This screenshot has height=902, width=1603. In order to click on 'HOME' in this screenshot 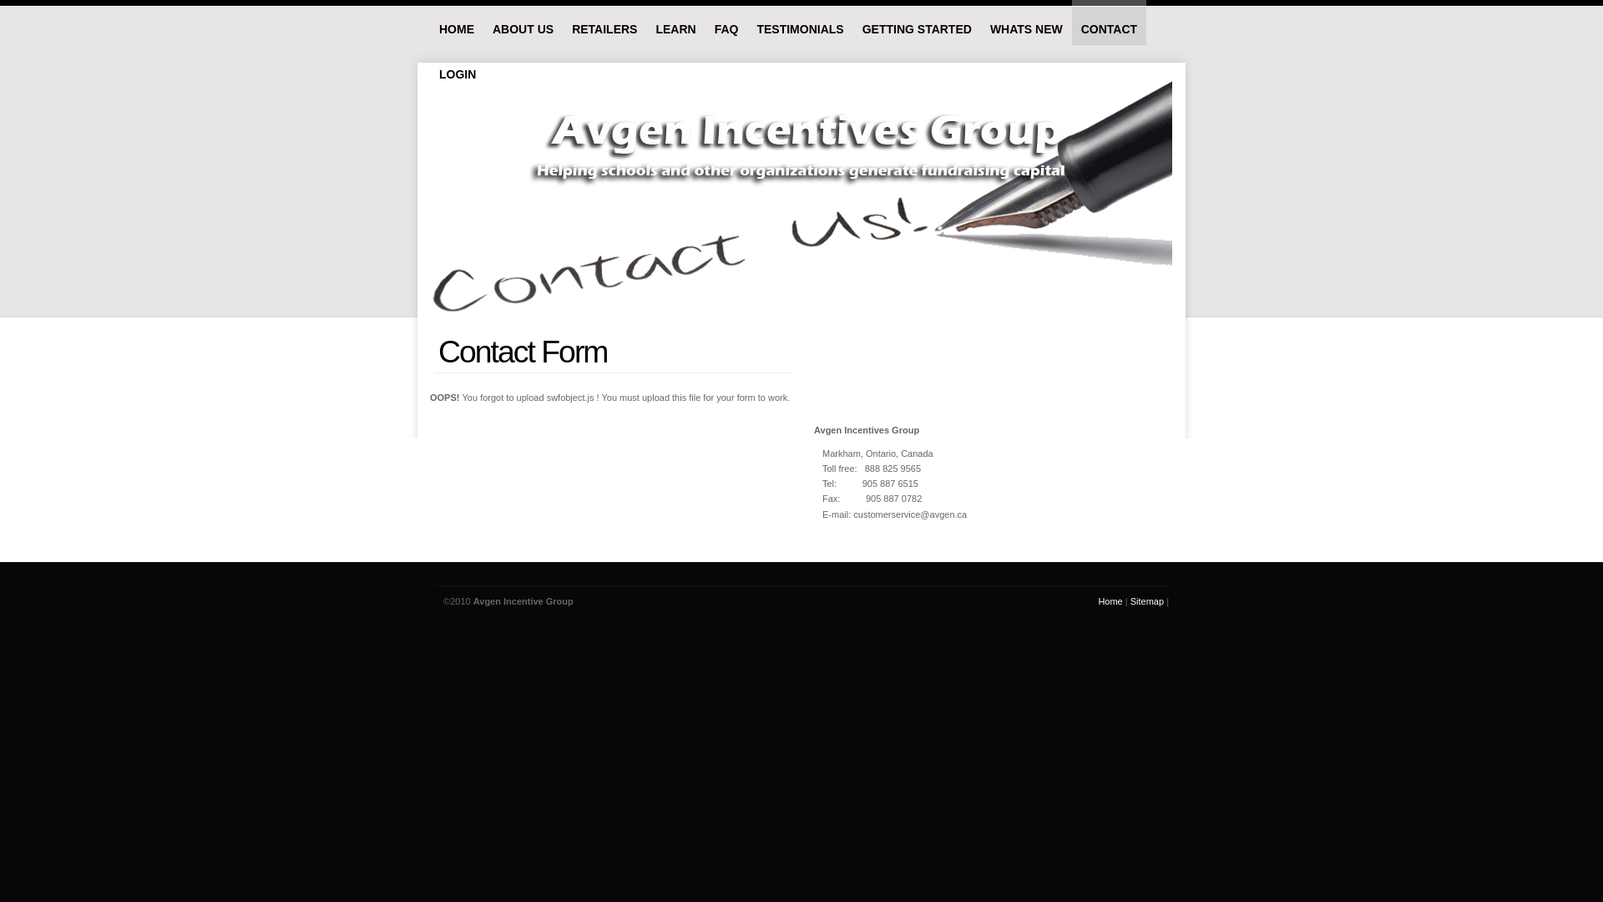, I will do `click(457, 22)`.